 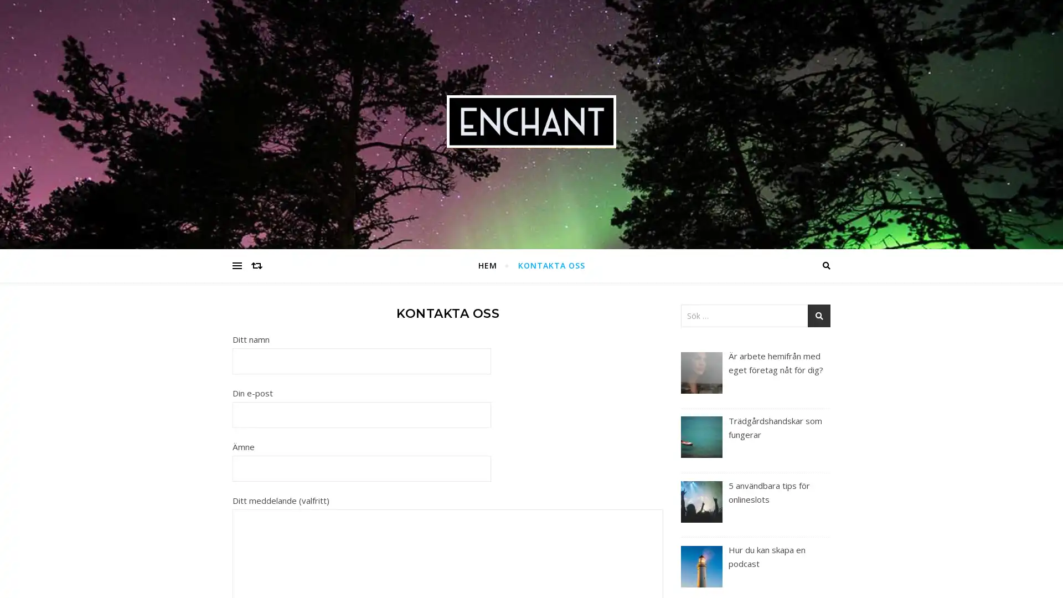 I want to click on st, so click(x=819, y=316).